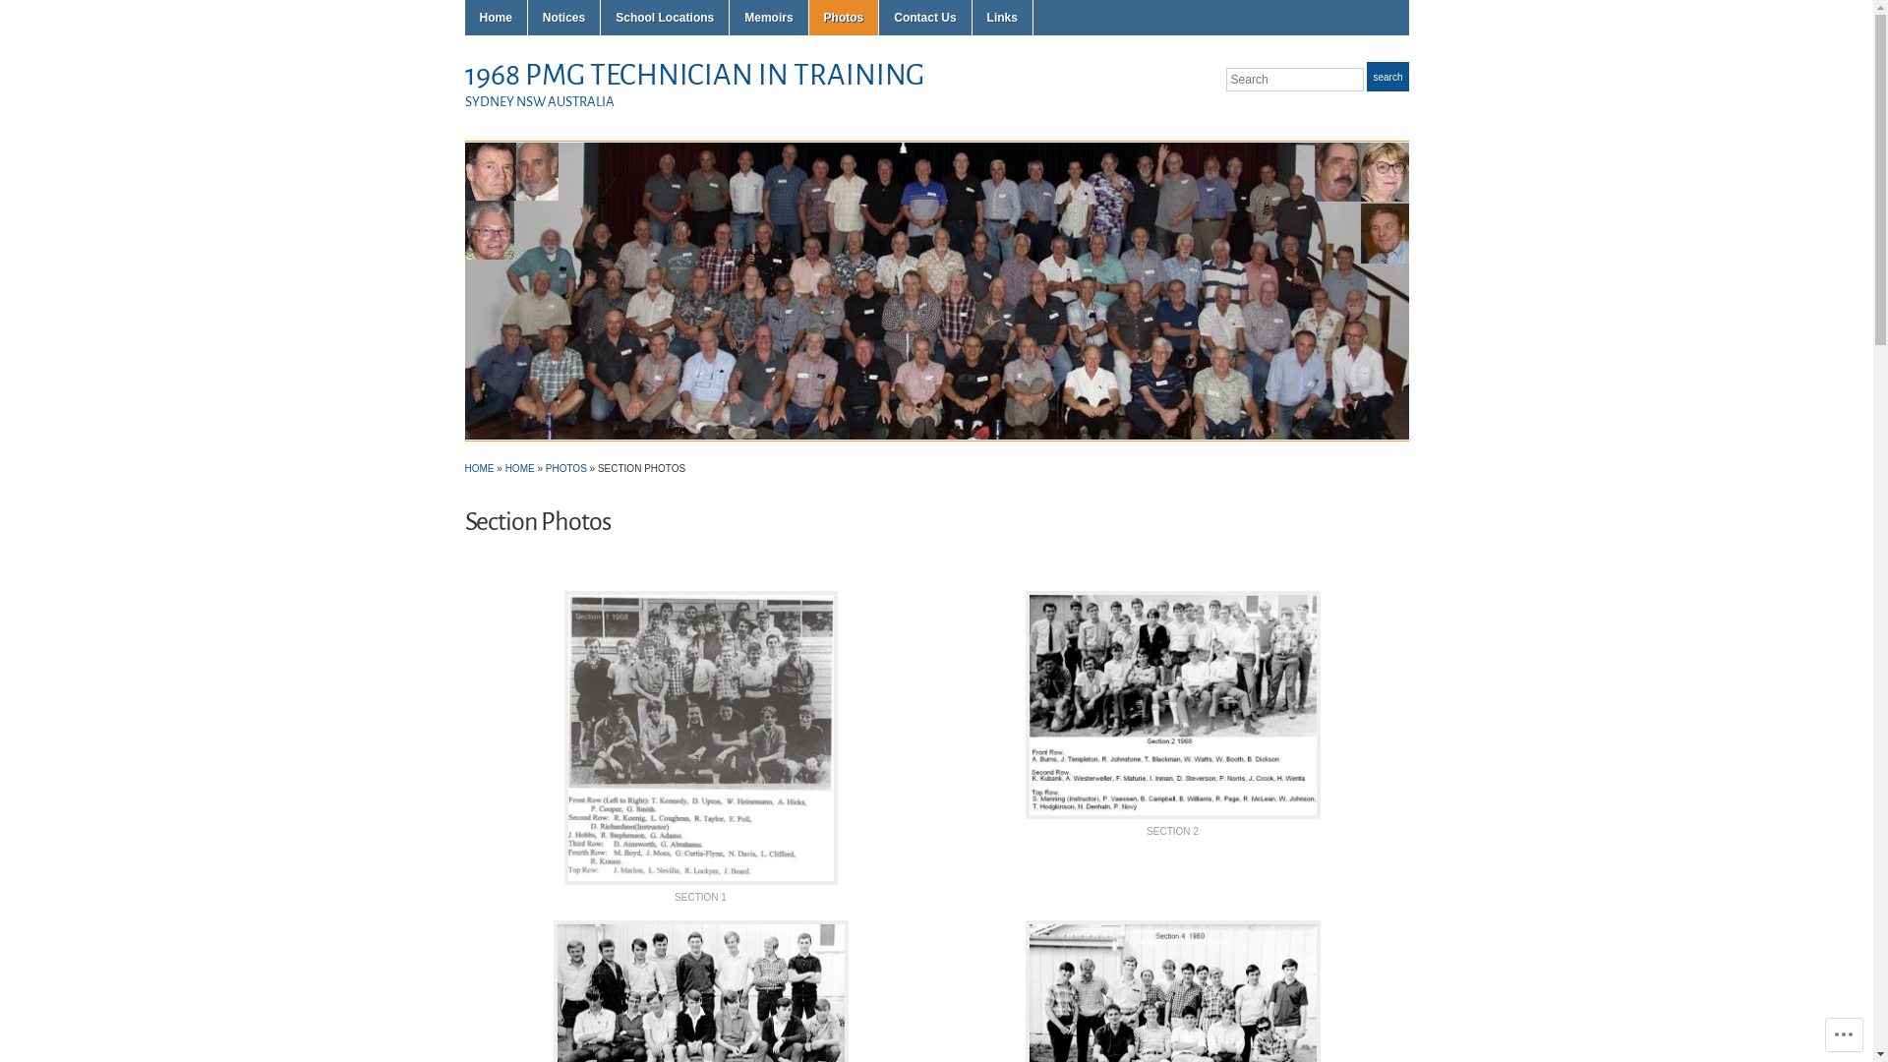 The width and height of the screenshot is (1888, 1062). I want to click on 'Links', so click(1002, 18).